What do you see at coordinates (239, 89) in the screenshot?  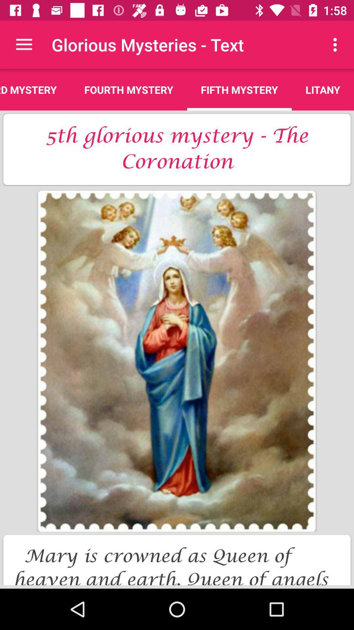 I see `icon below glorious mysteries - text icon` at bounding box center [239, 89].